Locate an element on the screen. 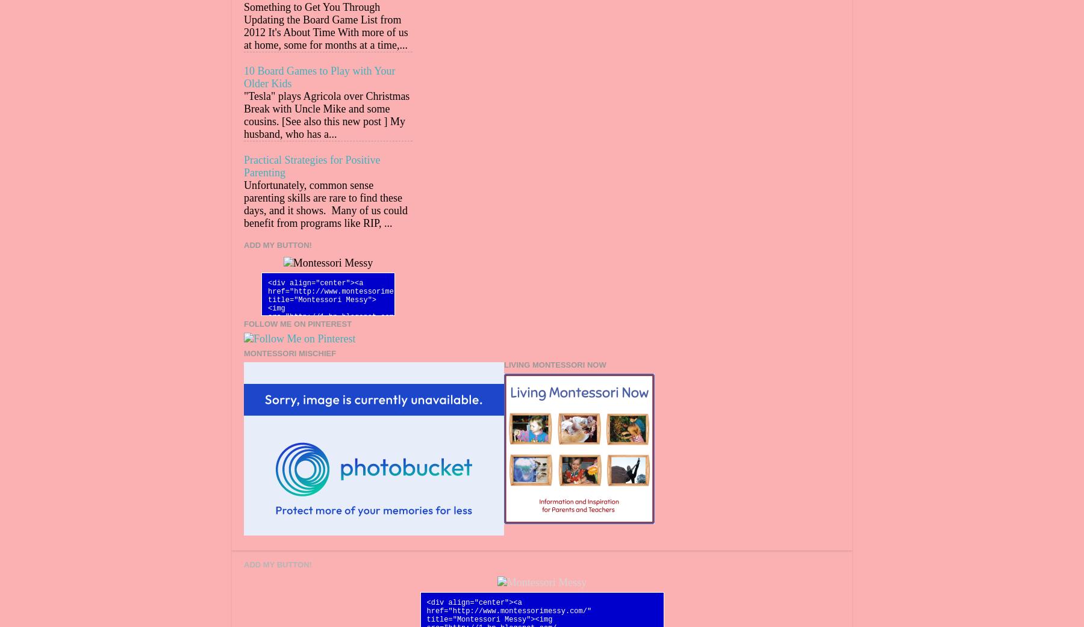  'Montessori Mischief' is located at coordinates (289, 353).